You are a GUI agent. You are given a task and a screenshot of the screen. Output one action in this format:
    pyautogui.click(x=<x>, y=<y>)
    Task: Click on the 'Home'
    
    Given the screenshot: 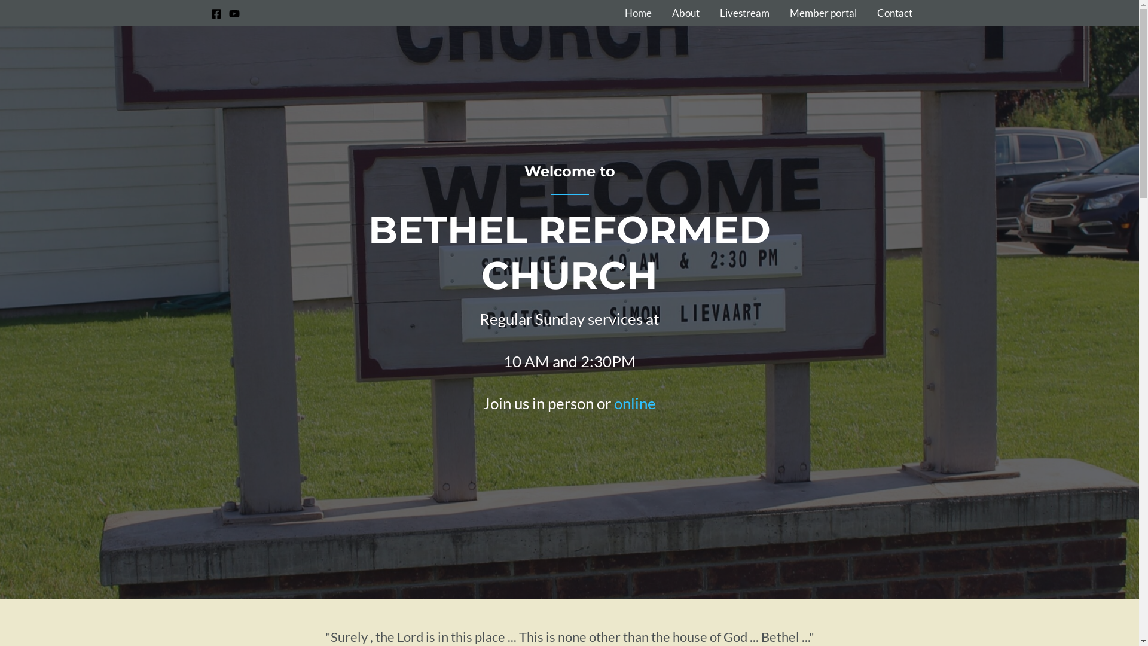 What is the action you would take?
    pyautogui.click(x=637, y=13)
    